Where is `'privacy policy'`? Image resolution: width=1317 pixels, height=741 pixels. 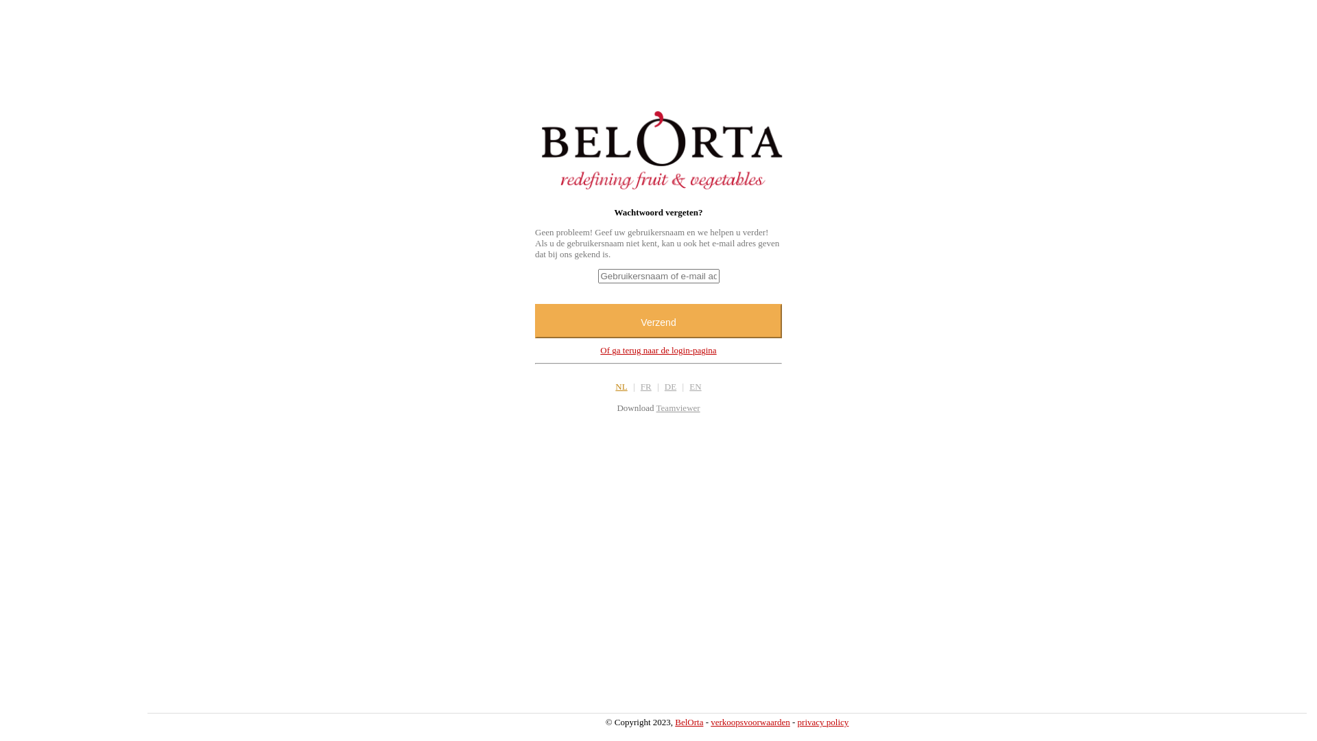 'privacy policy' is located at coordinates (823, 721).